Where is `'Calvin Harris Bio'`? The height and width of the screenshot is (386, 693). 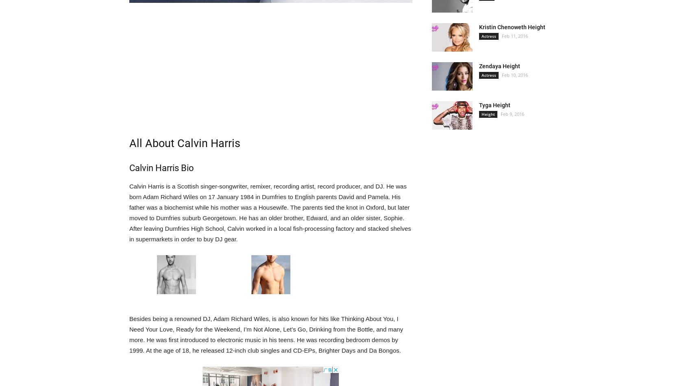
'Calvin Harris Bio' is located at coordinates (161, 167).